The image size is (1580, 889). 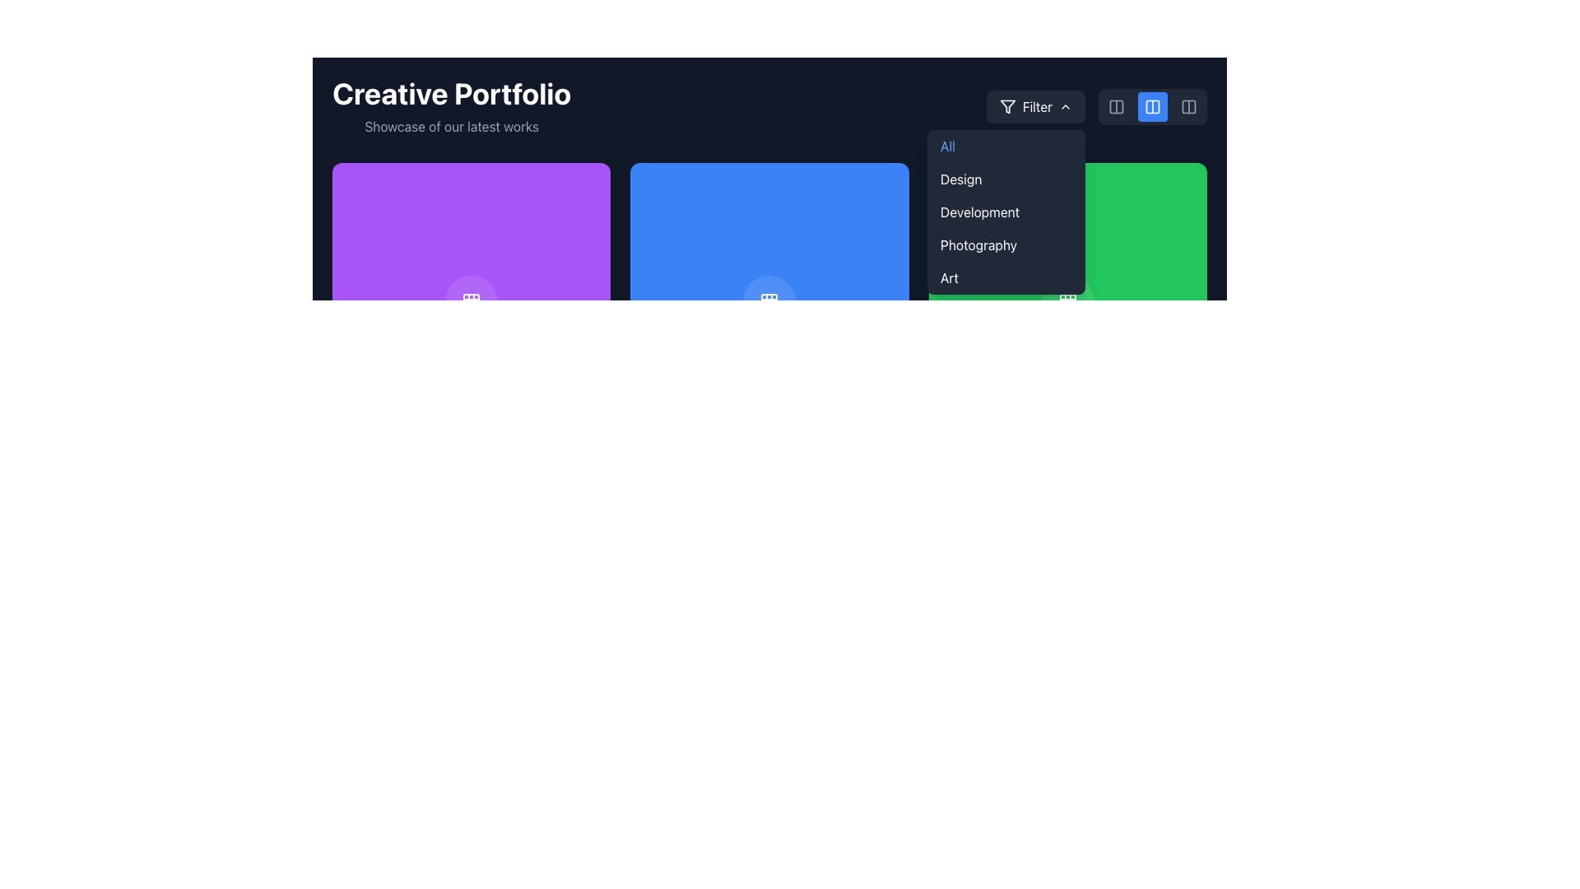 I want to click on the 'All' option in the dropdown menu located at the top of the vertical list, so click(x=1006, y=145).